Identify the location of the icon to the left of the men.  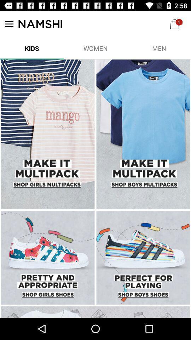
(95, 48).